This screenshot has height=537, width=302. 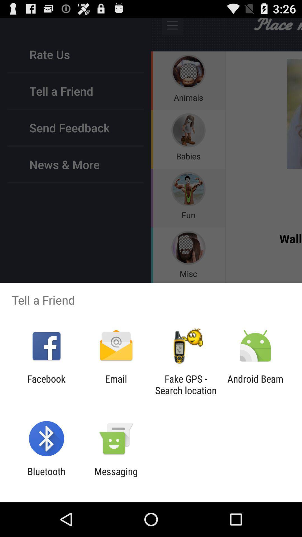 What do you see at coordinates (255, 384) in the screenshot?
I see `the icon at the bottom right corner` at bounding box center [255, 384].